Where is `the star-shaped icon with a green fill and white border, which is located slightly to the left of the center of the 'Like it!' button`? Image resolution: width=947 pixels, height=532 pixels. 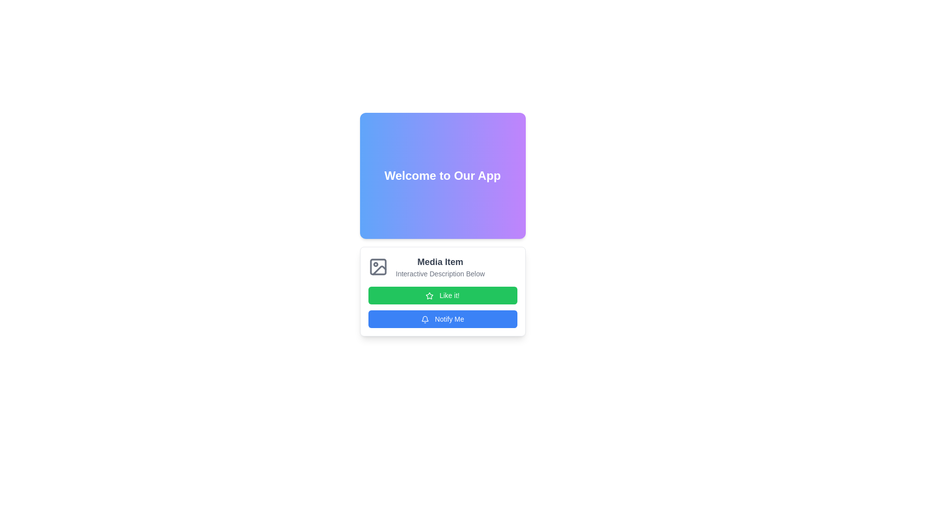
the star-shaped icon with a green fill and white border, which is located slightly to the left of the center of the 'Like it!' button is located at coordinates (430, 296).